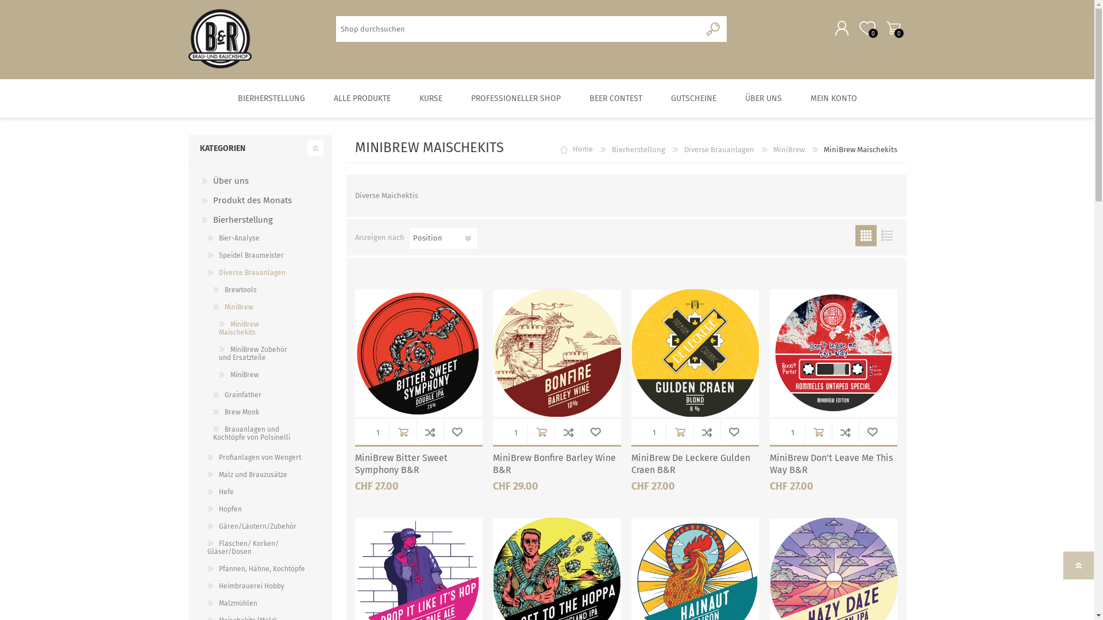  I want to click on 'Profianlagen von Wengert', so click(253, 457).